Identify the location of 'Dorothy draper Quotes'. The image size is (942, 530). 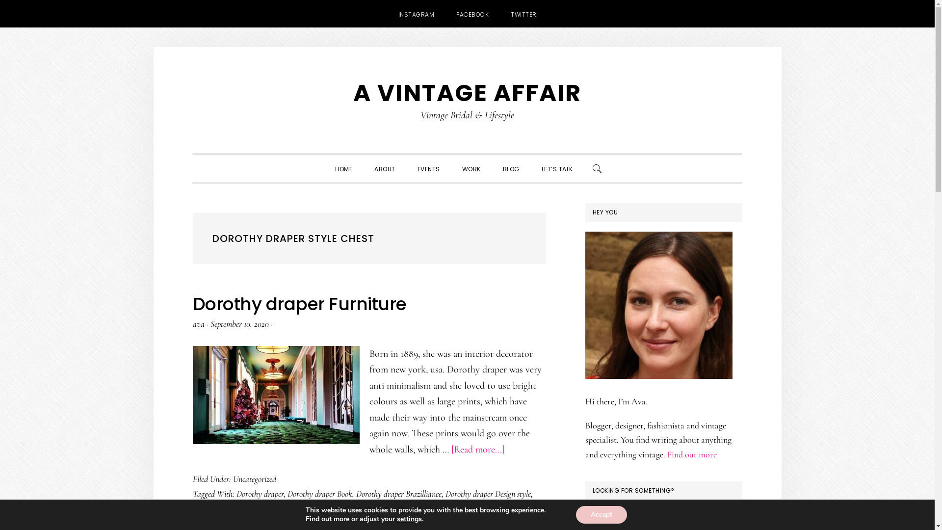
(192, 522).